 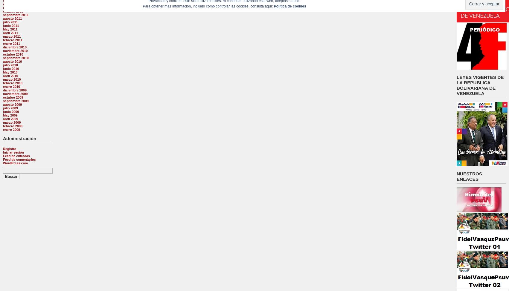 What do you see at coordinates (3, 104) in the screenshot?
I see `'agosto 2009'` at bounding box center [3, 104].